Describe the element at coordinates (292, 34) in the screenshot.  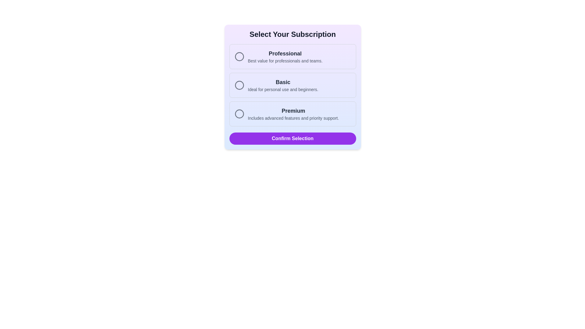
I see `the heading text element that informs users about selecting a subscription type, located at the top of the subscription selection panel` at that location.